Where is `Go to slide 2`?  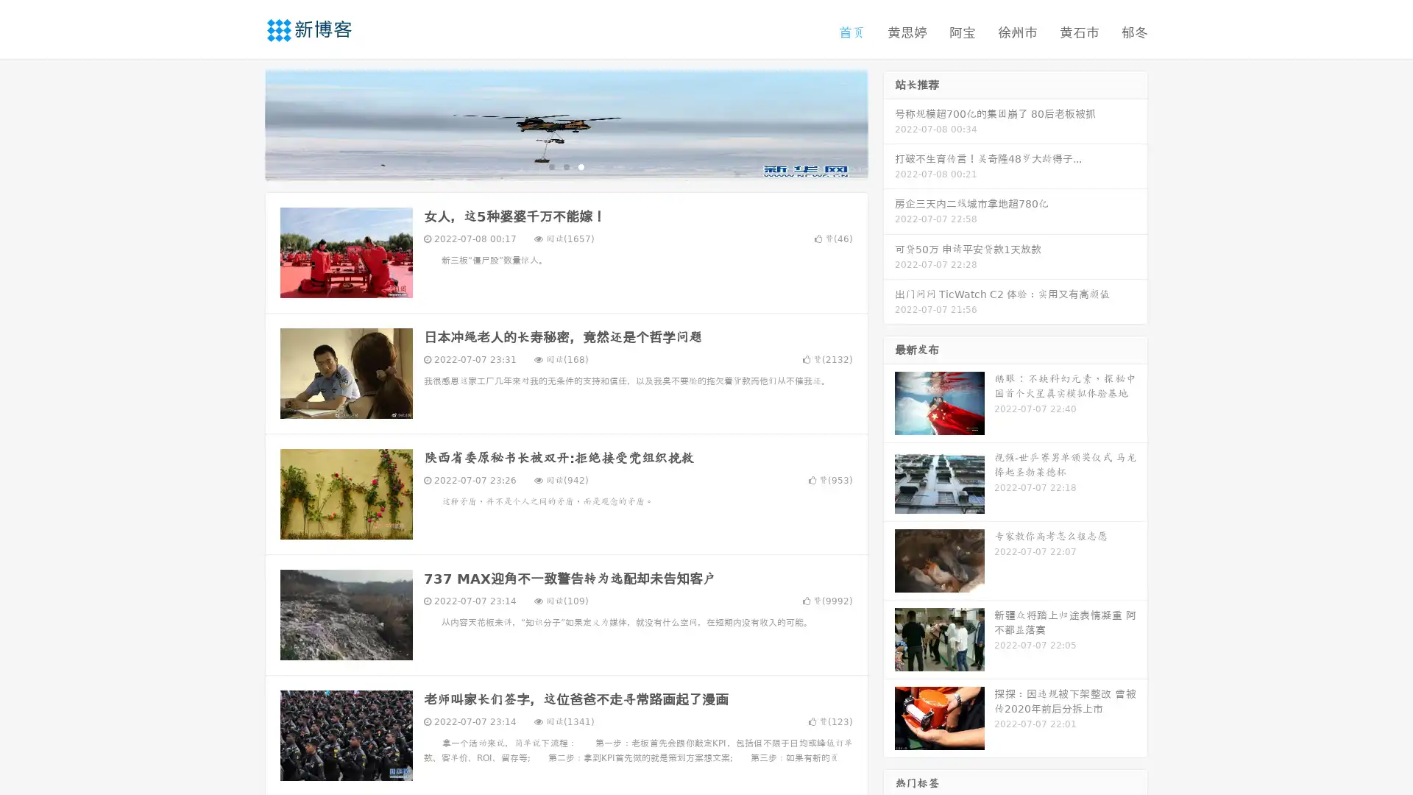 Go to slide 2 is located at coordinates (565, 166).